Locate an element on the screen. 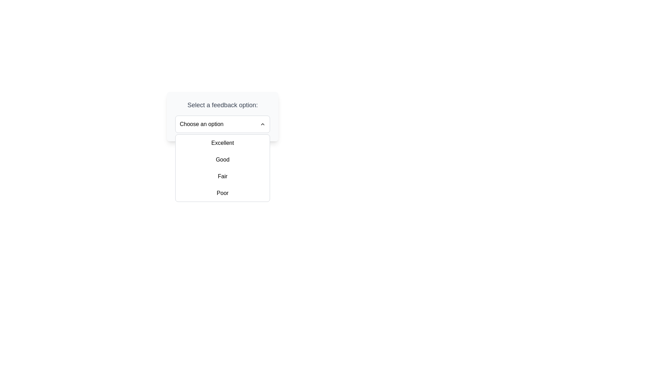 Image resolution: width=669 pixels, height=376 pixels. the active state icon of the dropdown menu located at the top-right corner of the 'Choose an option' button is located at coordinates (262, 124).